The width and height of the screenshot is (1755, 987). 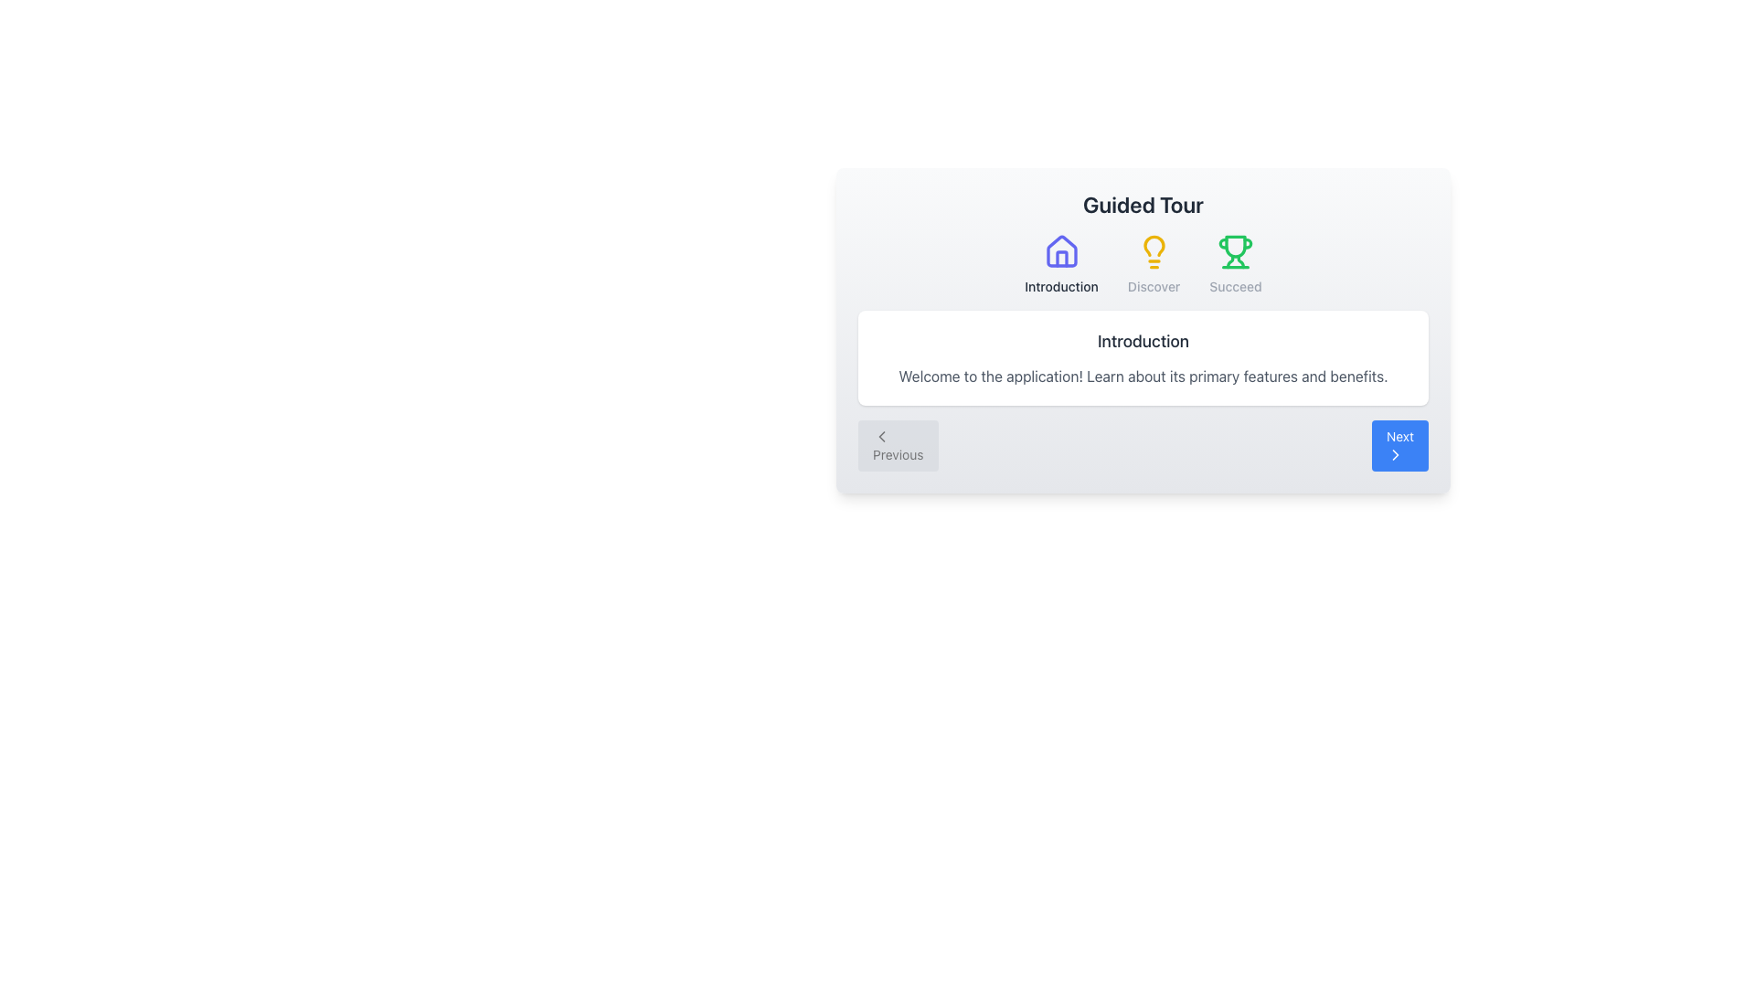 I want to click on the 'Succeed' interactive tab, which is the rightmost option in a group of three elements in a guided tour feature, so click(x=1236, y=264).